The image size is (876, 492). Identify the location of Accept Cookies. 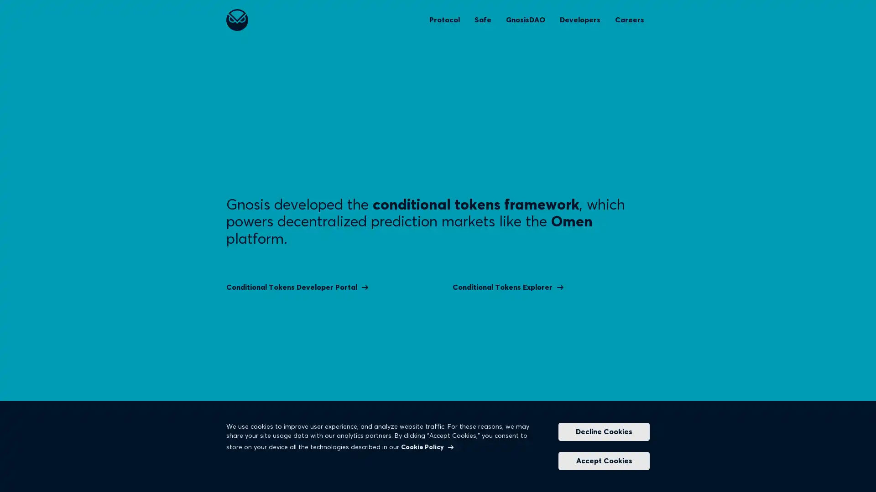
(604, 461).